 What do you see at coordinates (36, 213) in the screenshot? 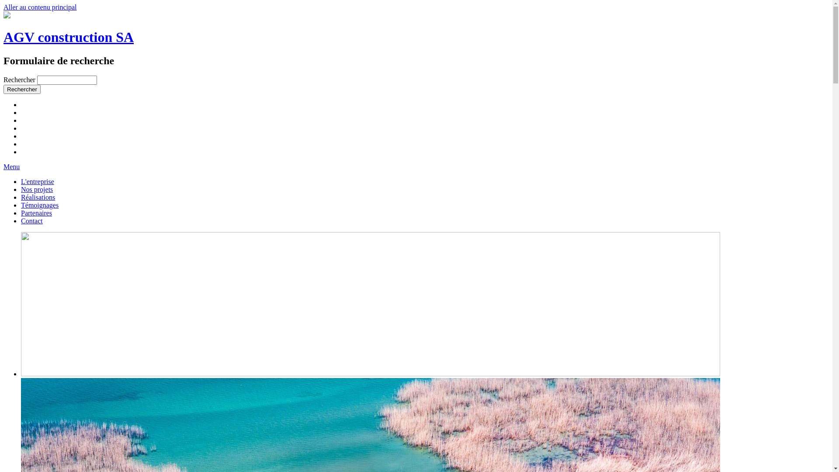
I see `'Partenaires'` at bounding box center [36, 213].